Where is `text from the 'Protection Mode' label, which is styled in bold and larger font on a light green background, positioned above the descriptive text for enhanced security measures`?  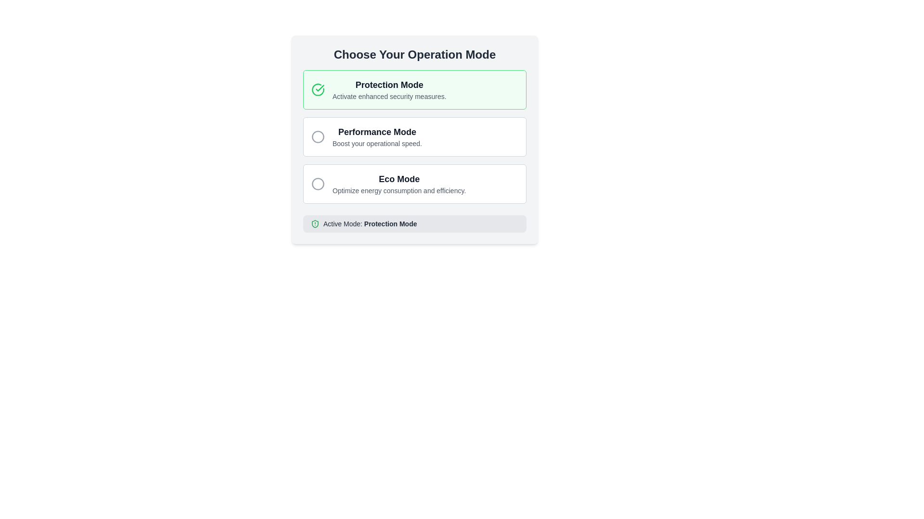 text from the 'Protection Mode' label, which is styled in bold and larger font on a light green background, positioned above the descriptive text for enhanced security measures is located at coordinates (389, 85).